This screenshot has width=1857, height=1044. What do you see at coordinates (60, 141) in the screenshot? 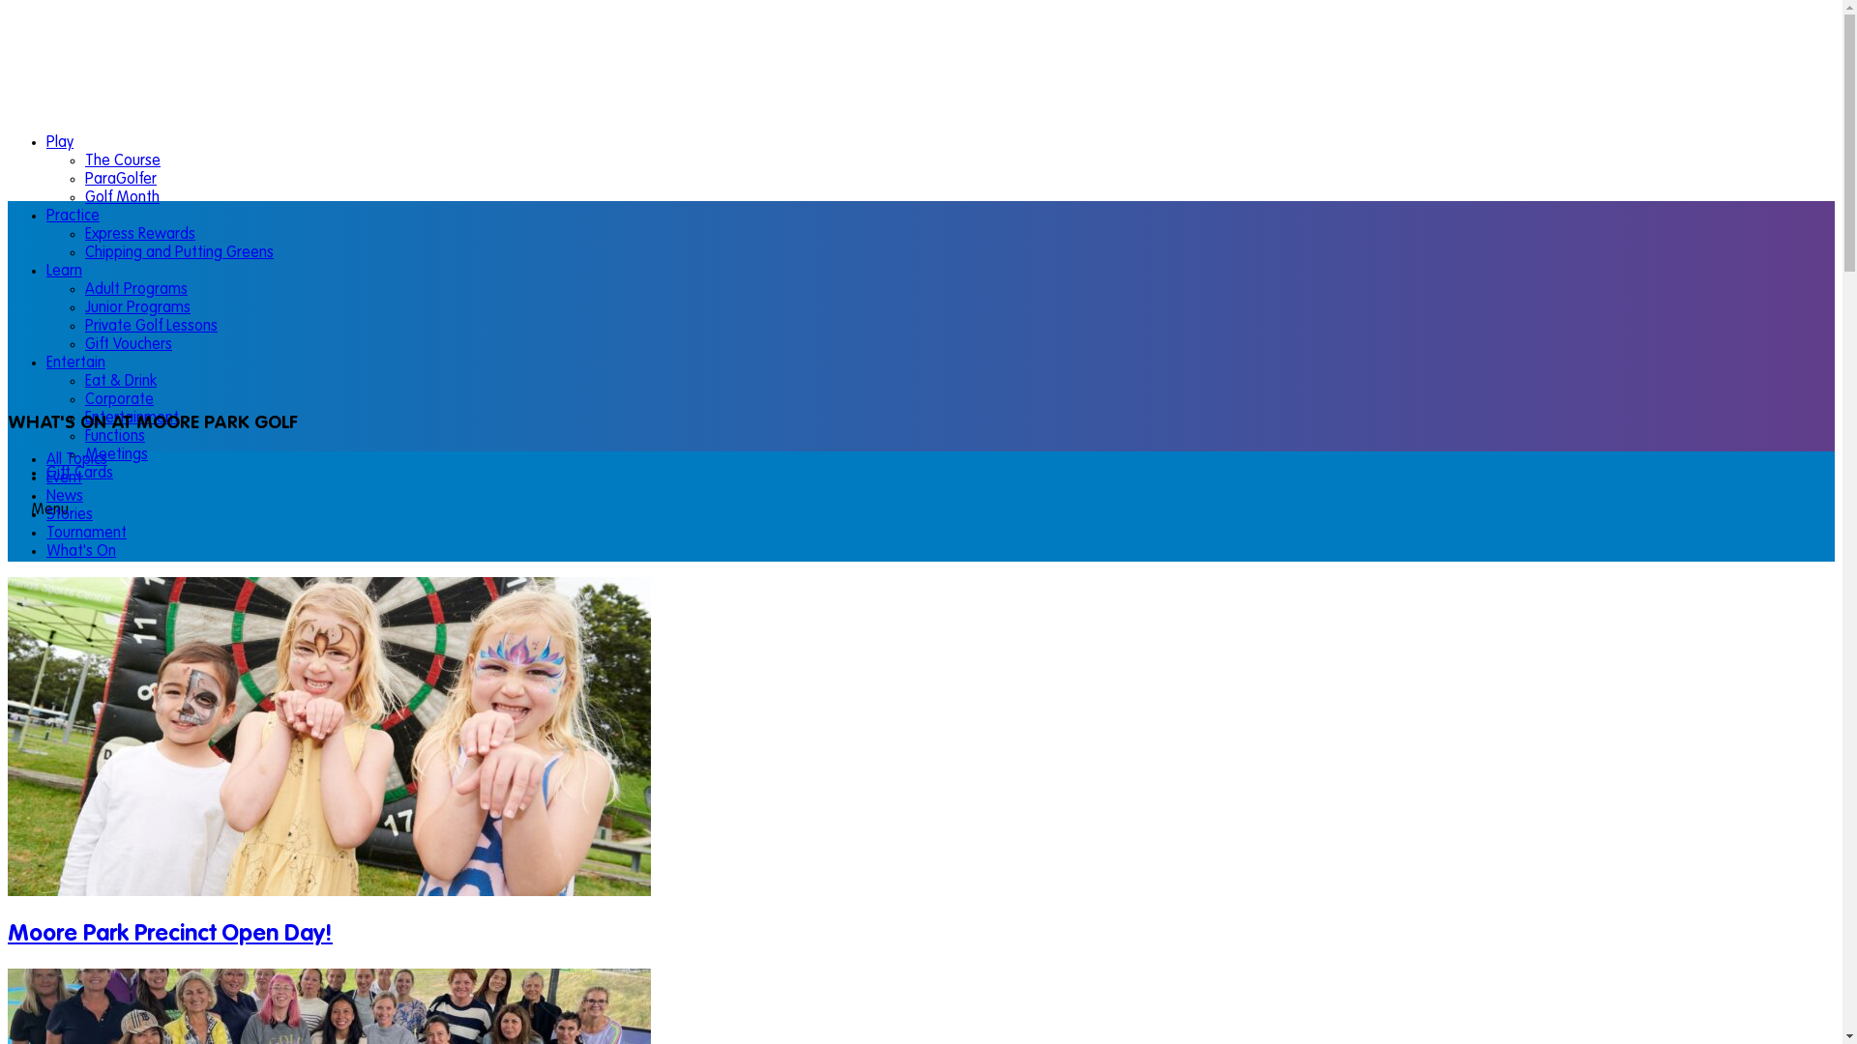
I see `'Play'` at bounding box center [60, 141].